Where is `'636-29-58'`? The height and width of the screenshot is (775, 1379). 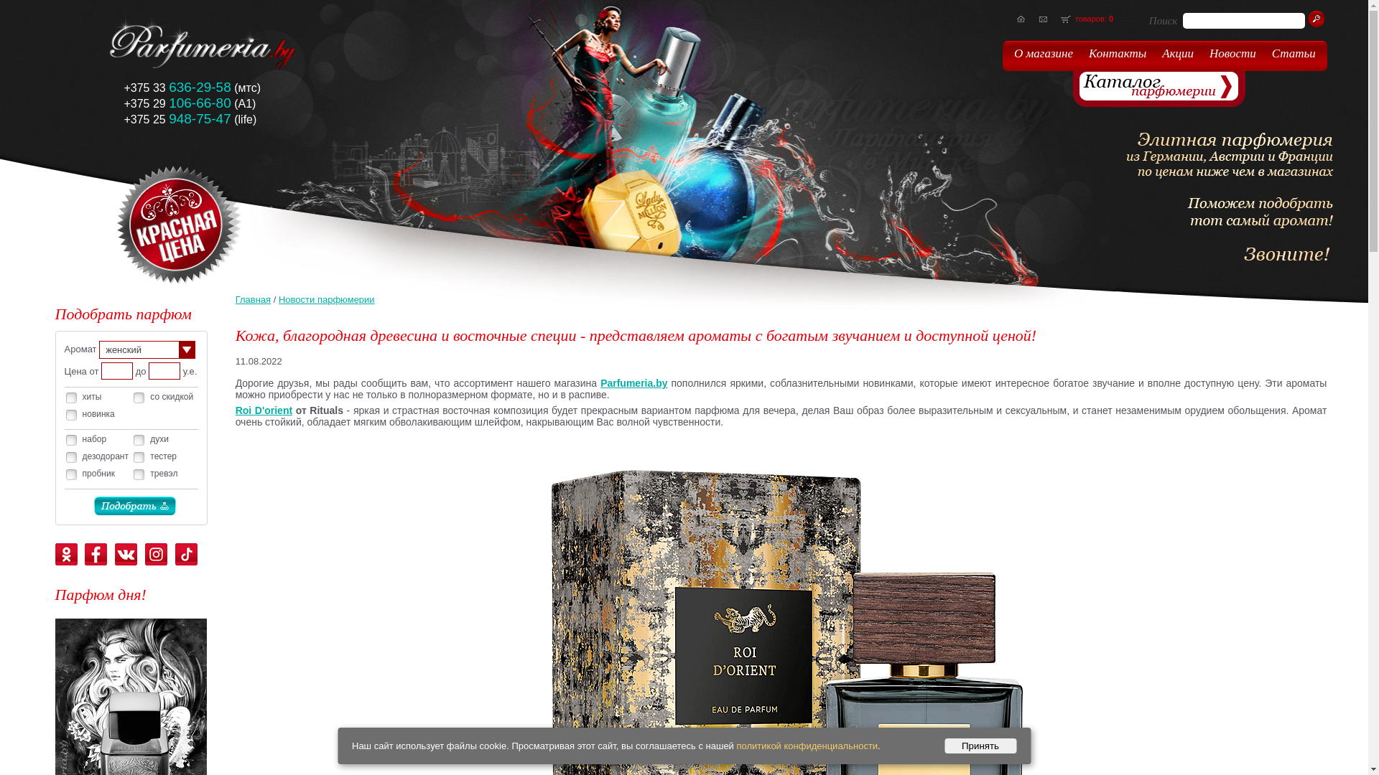
'636-29-58' is located at coordinates (199, 88).